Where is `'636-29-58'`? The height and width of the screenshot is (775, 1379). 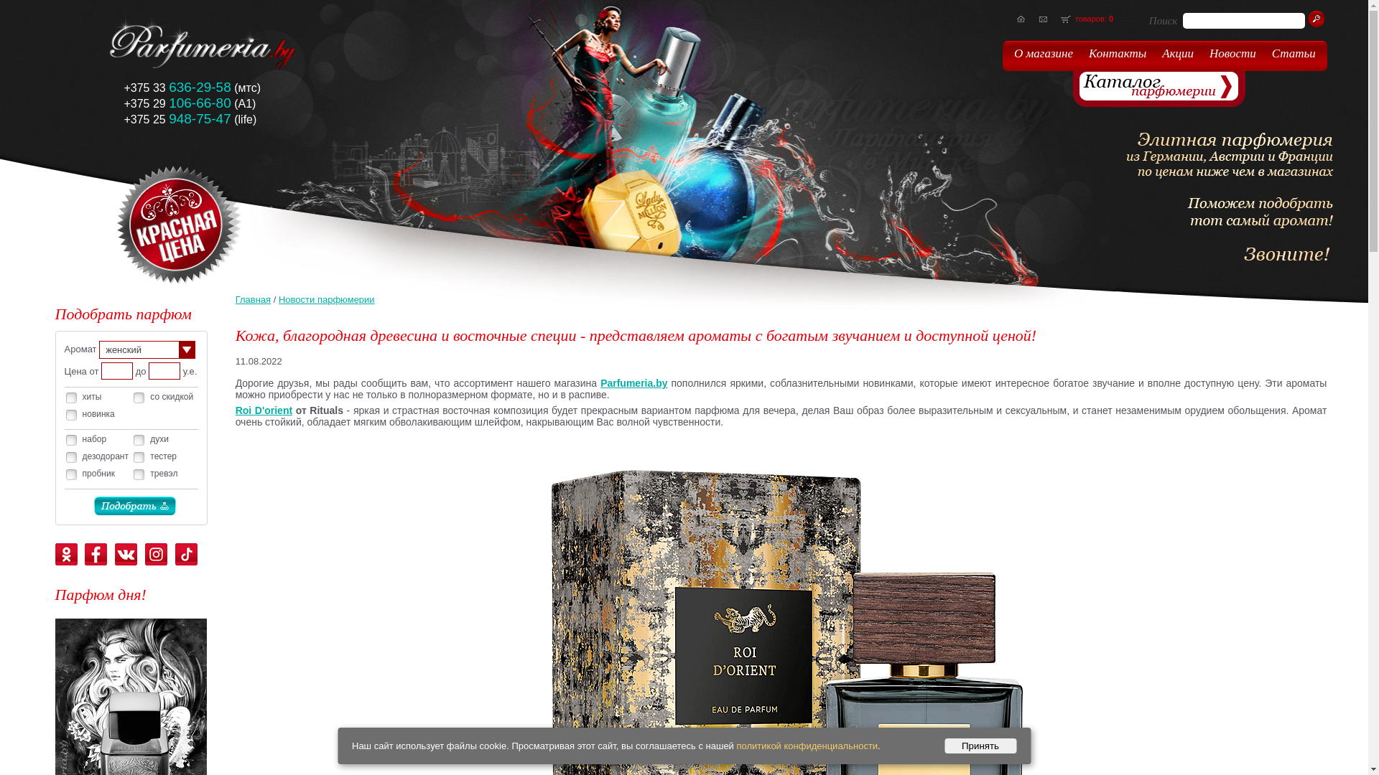
'636-29-58' is located at coordinates (199, 88).